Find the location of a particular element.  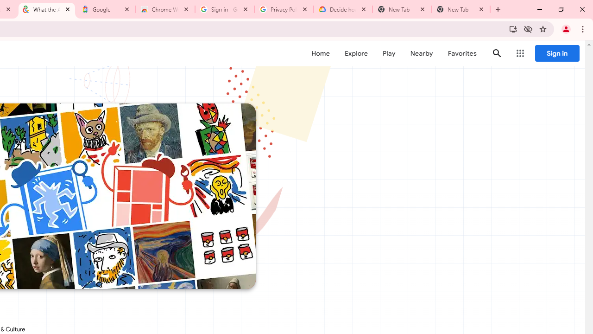

'Bookmark this tab' is located at coordinates (543, 28).